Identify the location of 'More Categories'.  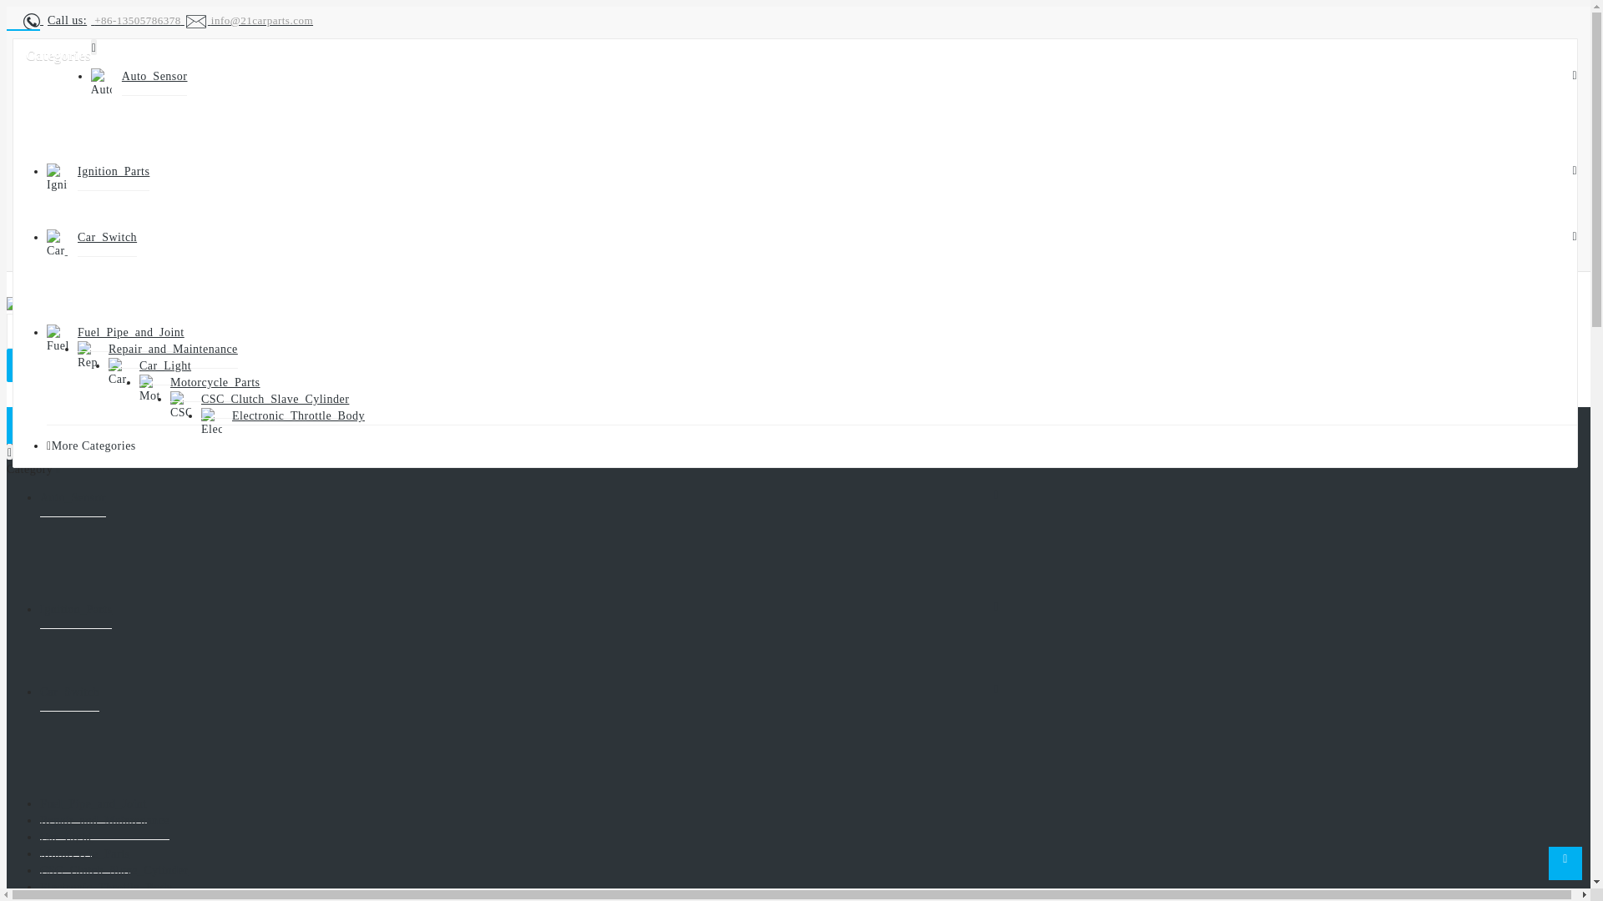
(93, 445).